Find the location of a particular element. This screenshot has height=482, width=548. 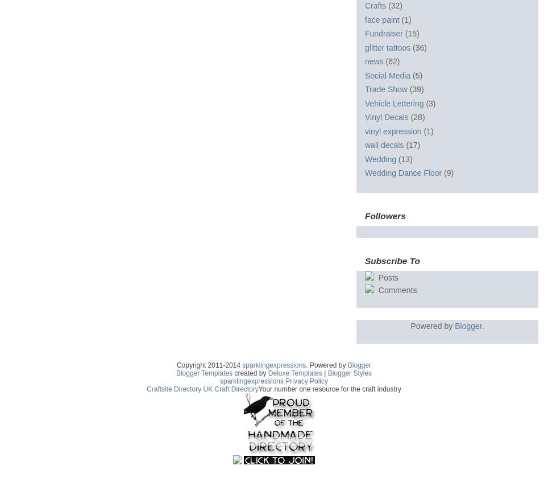

'(15)' is located at coordinates (411, 33).